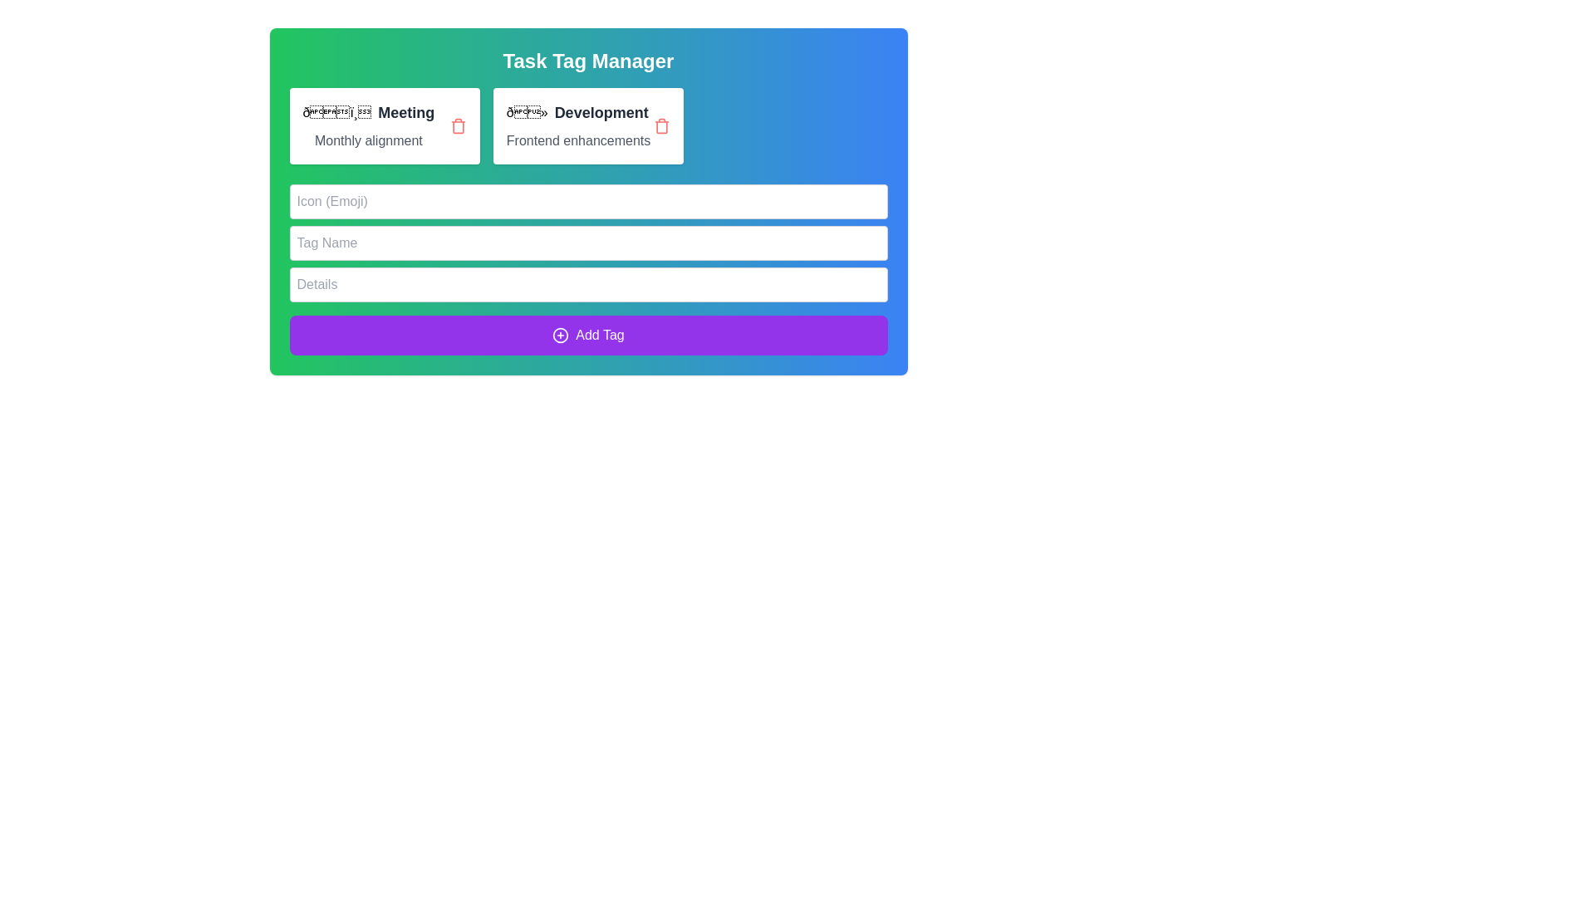  Describe the element at coordinates (578, 125) in the screenshot. I see `the Display panel with the heading 'Development' and subheading 'Frontend enhancements', which is styled in bold, large gray font and located on the right side of the interface` at that location.